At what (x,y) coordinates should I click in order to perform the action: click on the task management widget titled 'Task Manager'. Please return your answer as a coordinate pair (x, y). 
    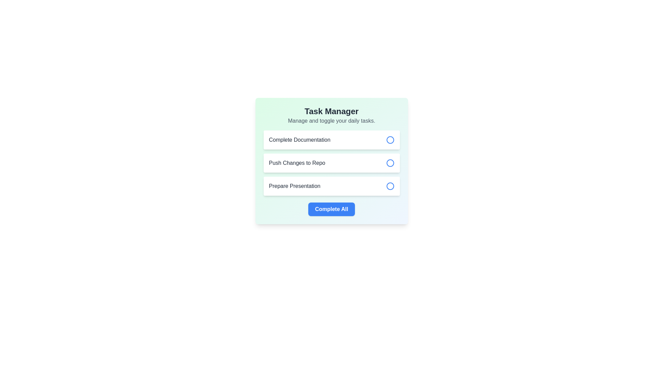
    Looking at the image, I should click on (331, 161).